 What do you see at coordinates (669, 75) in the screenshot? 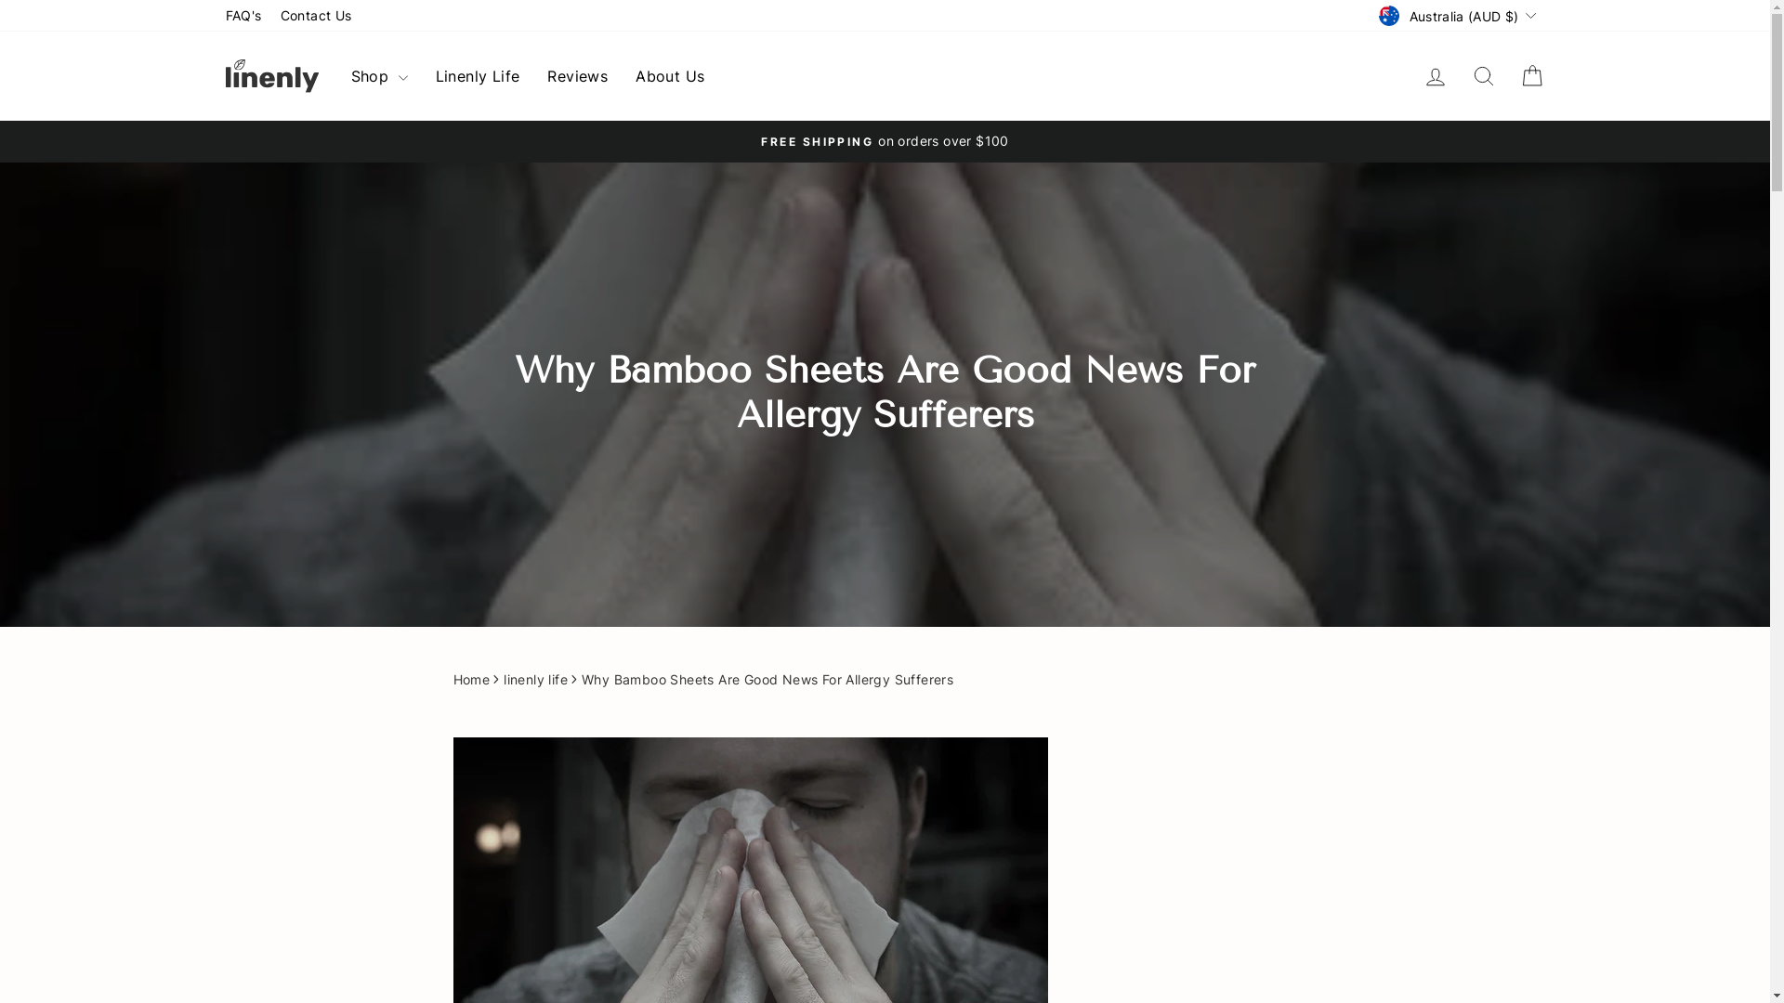
I see `'About Us'` at bounding box center [669, 75].